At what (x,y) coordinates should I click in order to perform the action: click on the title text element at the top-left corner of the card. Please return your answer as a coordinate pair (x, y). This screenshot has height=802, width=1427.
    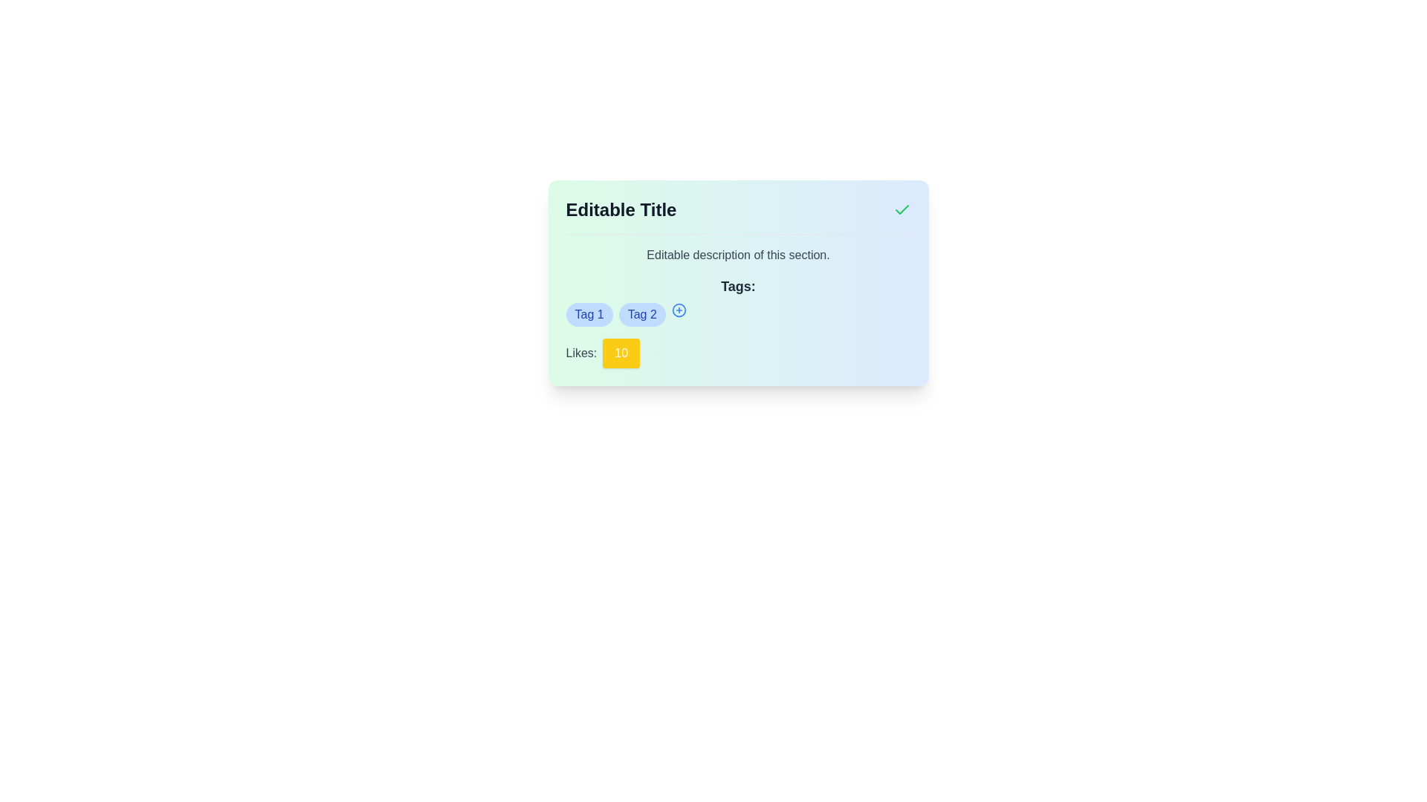
    Looking at the image, I should click on (621, 209).